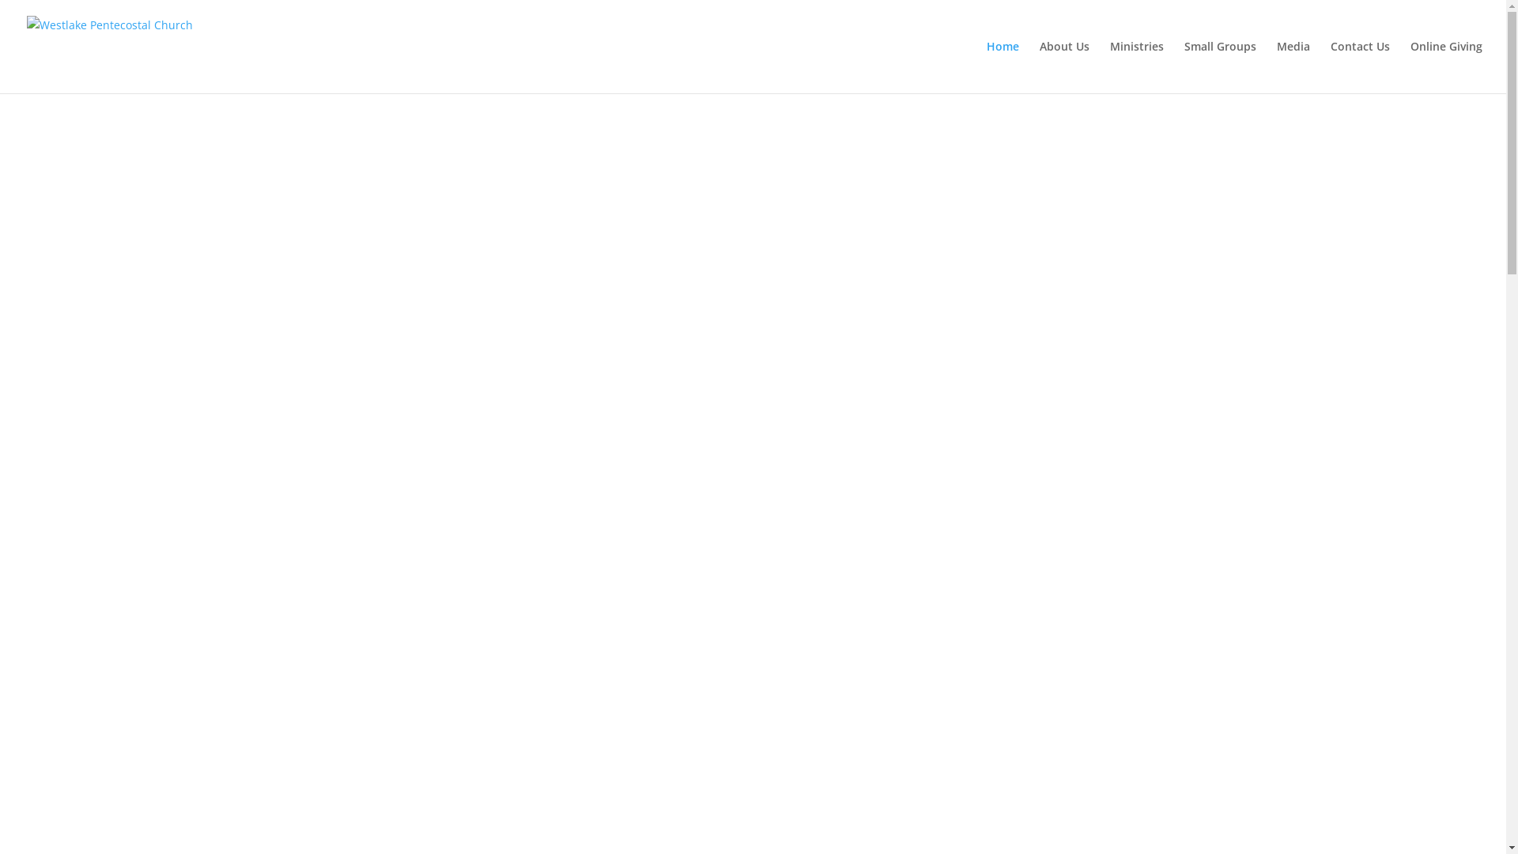 Image resolution: width=1518 pixels, height=854 pixels. I want to click on 'Small Groups', so click(1219, 66).